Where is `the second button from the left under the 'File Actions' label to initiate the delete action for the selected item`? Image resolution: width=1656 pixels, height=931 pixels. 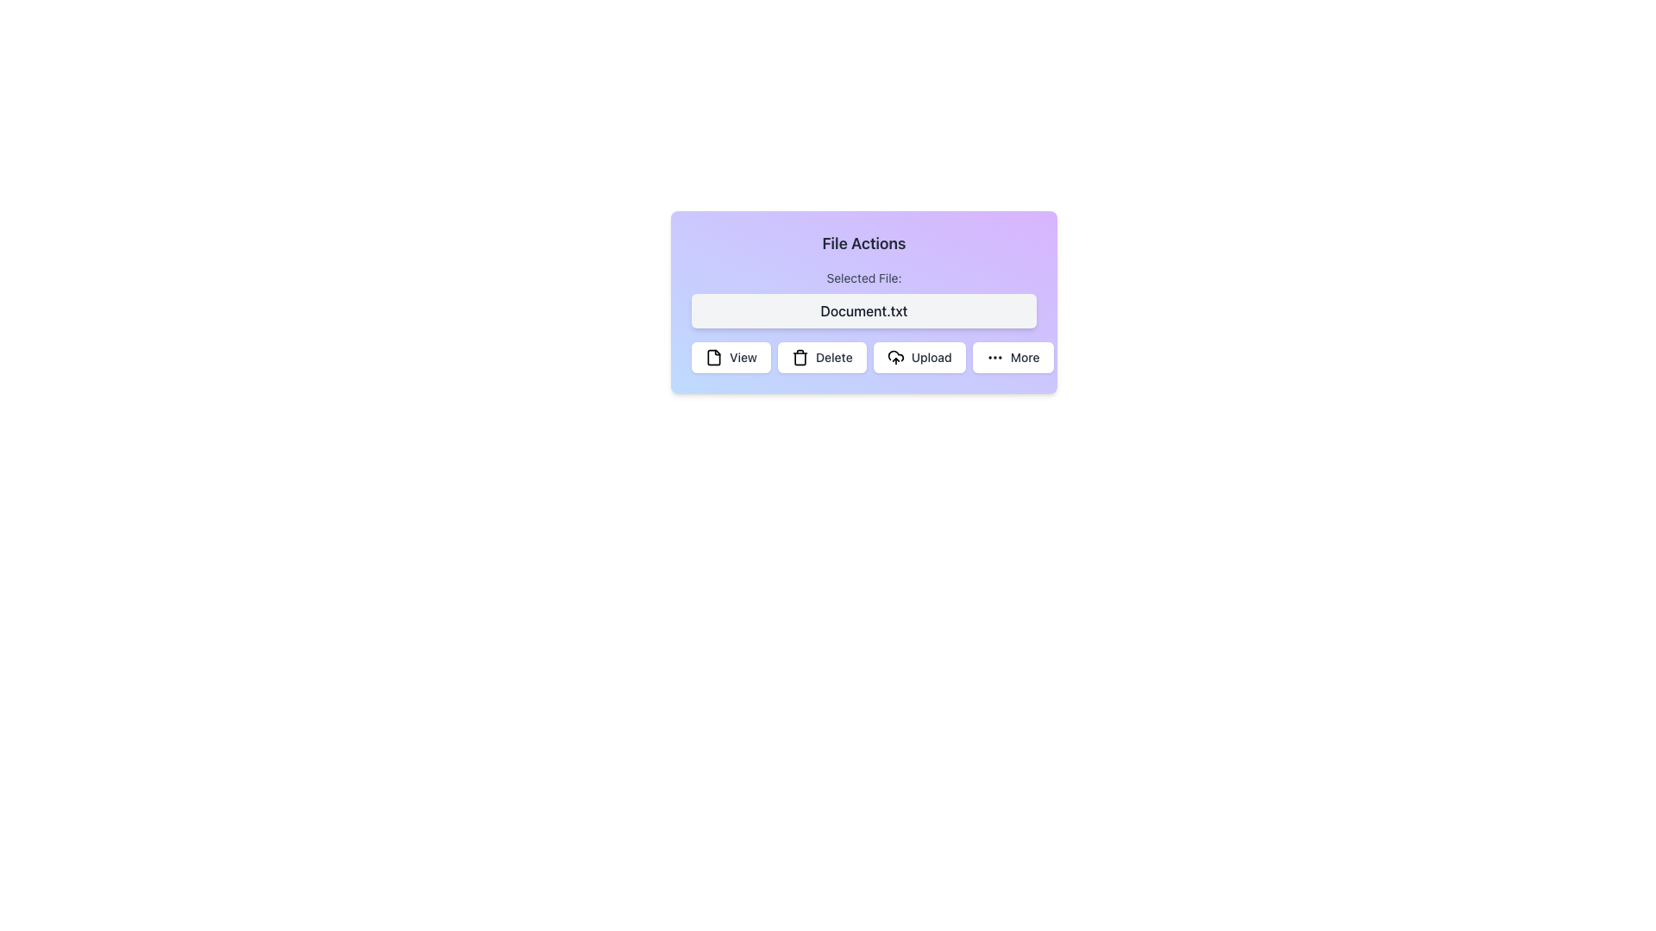
the second button from the left under the 'File Actions' label to initiate the delete action for the selected item is located at coordinates (821, 357).